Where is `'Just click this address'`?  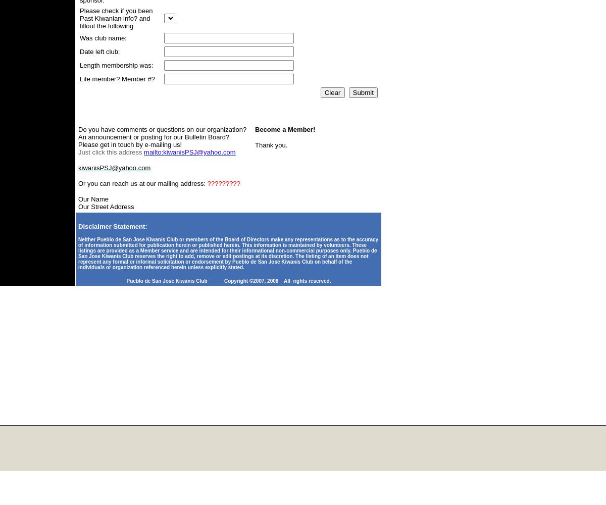
'Just click this address' is located at coordinates (110, 152).